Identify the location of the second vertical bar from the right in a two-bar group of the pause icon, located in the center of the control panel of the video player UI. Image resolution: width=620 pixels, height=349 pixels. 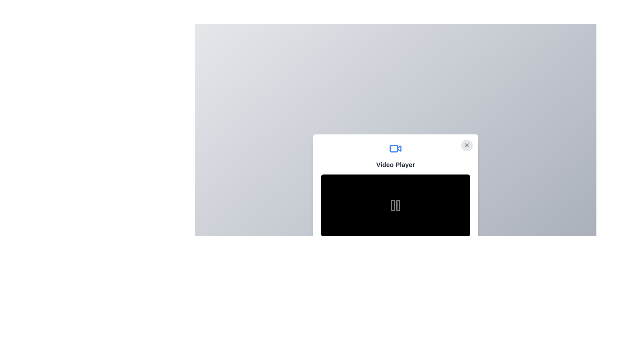
(398, 206).